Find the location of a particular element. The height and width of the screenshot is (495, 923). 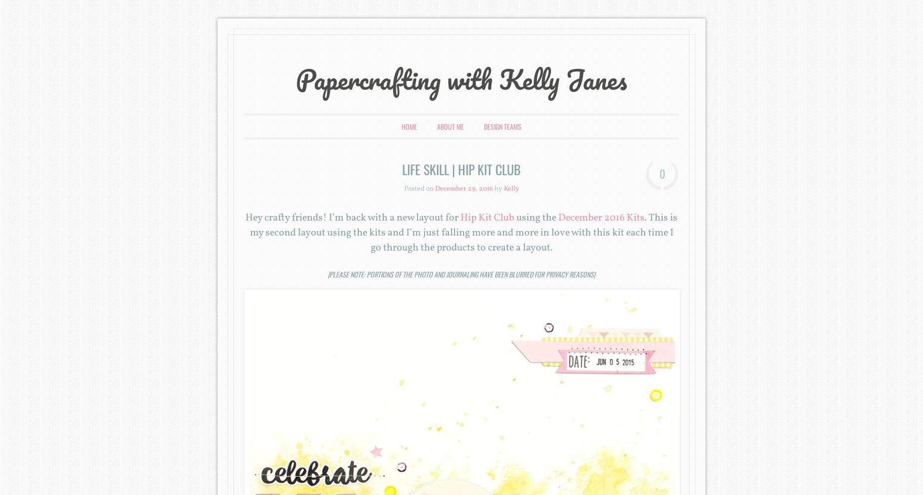

'Posted on' is located at coordinates (404, 189).